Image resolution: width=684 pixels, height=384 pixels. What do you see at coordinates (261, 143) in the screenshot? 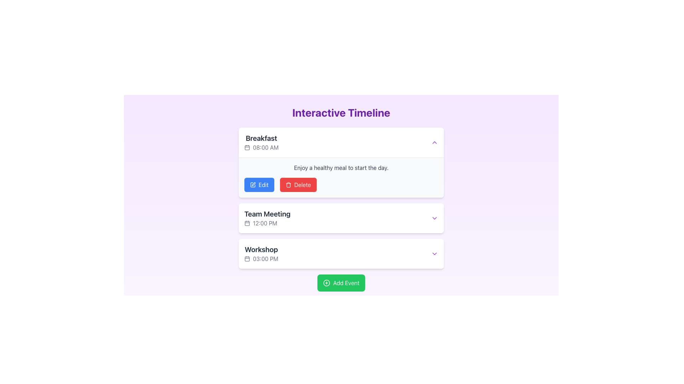
I see `the Text Display (with Icon) for the 'Breakfast' event to access nearby edit and delete buttons` at bounding box center [261, 143].